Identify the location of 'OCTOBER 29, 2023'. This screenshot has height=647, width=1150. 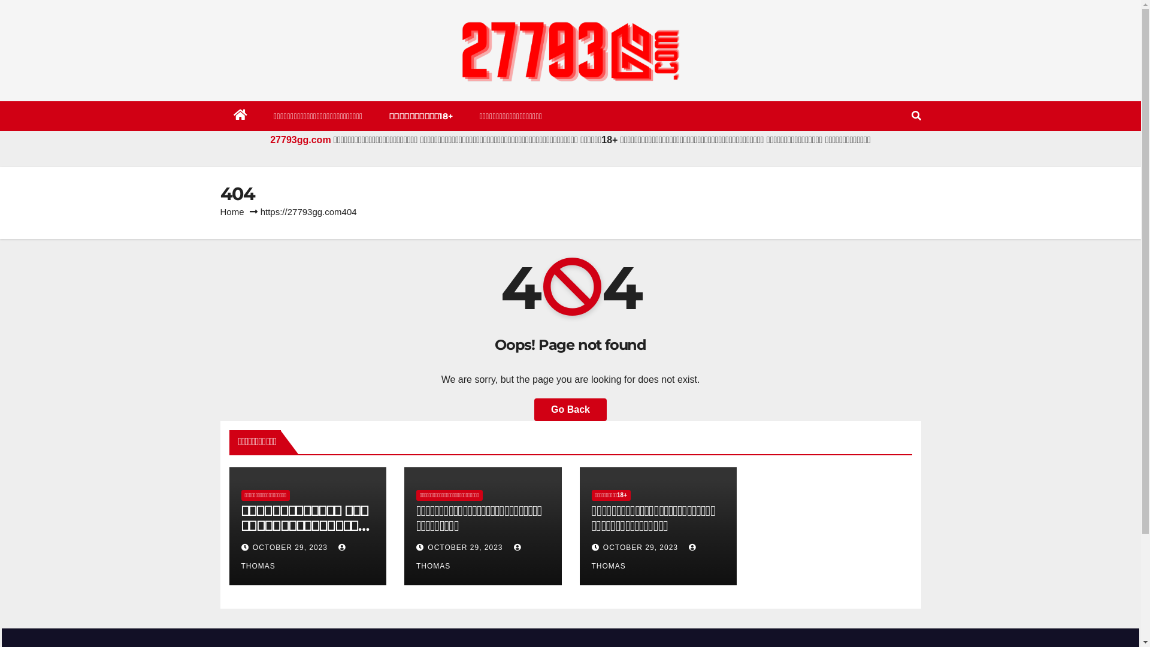
(428, 548).